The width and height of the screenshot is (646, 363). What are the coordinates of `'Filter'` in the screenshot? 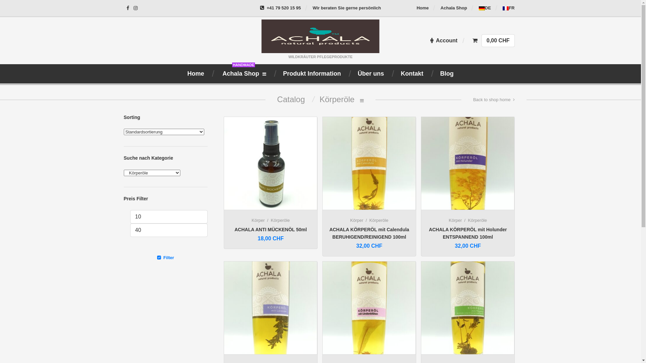 It's located at (124, 257).